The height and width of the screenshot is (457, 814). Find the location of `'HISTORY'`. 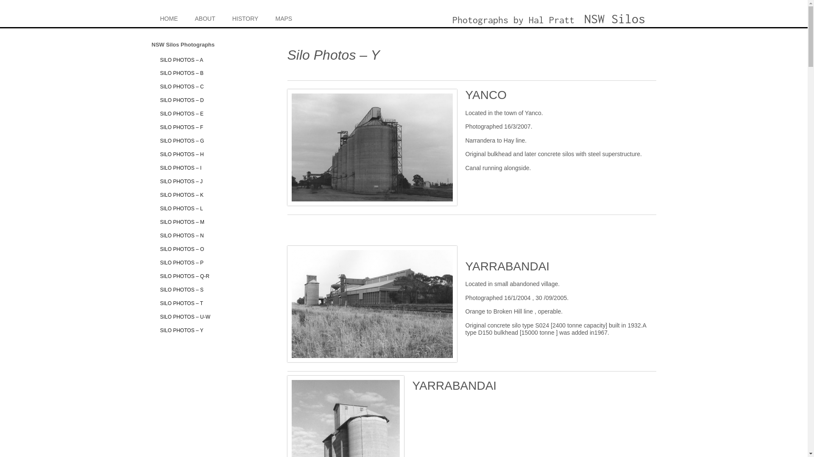

'HISTORY' is located at coordinates (245, 17).